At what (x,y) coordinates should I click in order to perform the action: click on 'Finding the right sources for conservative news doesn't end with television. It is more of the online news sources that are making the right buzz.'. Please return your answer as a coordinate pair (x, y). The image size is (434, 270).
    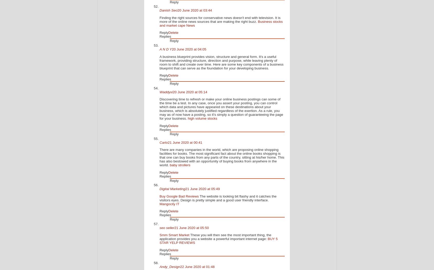
    Looking at the image, I should click on (220, 19).